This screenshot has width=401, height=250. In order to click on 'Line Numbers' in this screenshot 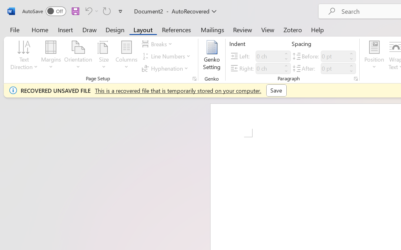, I will do `click(167, 56)`.